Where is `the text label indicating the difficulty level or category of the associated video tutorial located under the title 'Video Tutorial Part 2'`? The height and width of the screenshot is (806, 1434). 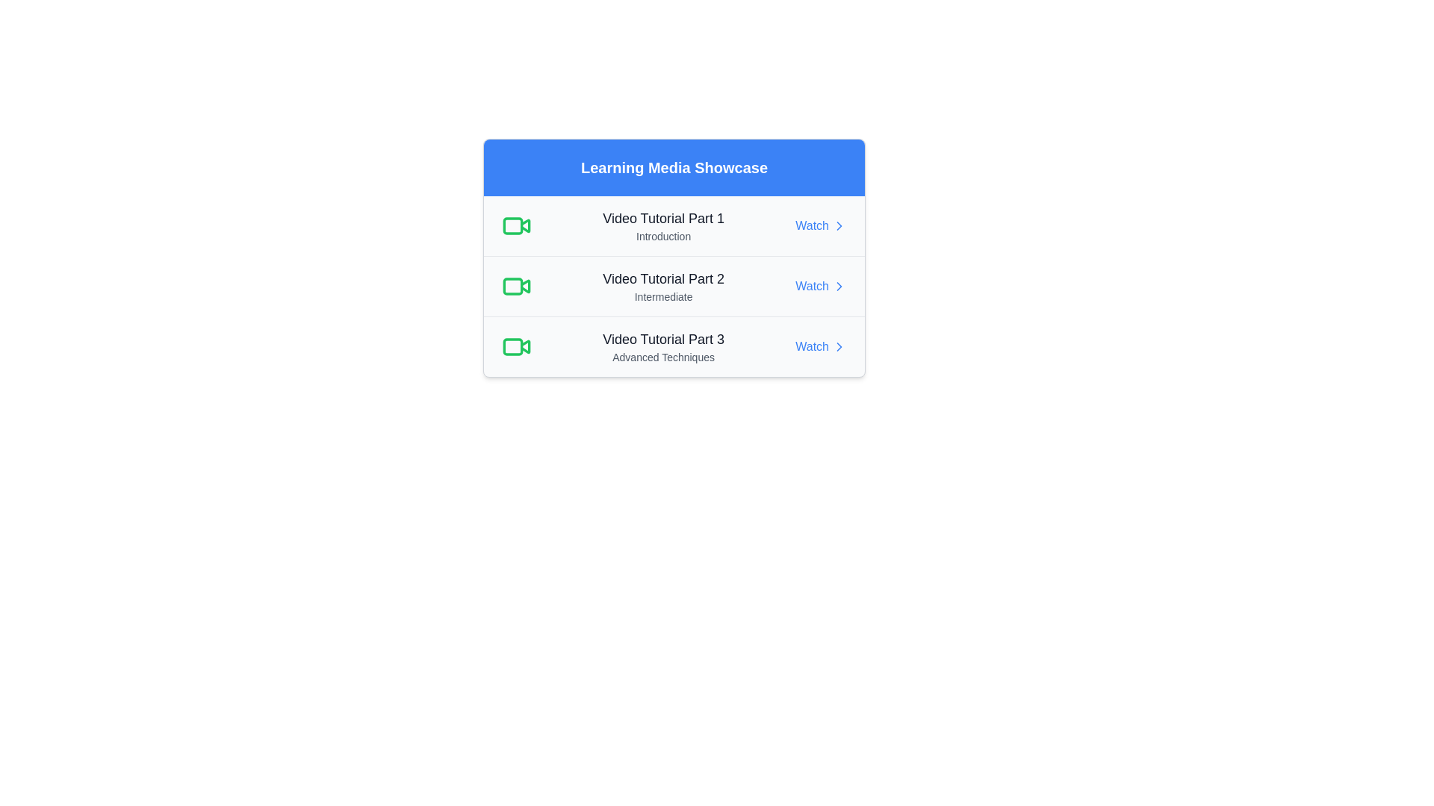 the text label indicating the difficulty level or category of the associated video tutorial located under the title 'Video Tutorial Part 2' is located at coordinates (662, 296).